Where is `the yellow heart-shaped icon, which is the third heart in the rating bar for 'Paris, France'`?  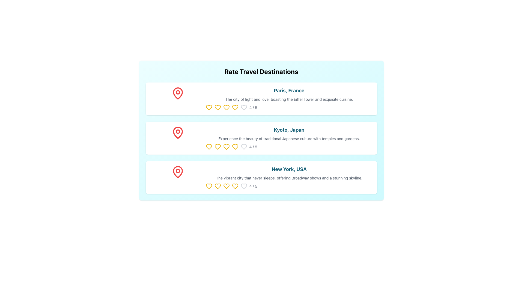
the yellow heart-shaped icon, which is the third heart in the rating bar for 'Paris, France' is located at coordinates (226, 107).